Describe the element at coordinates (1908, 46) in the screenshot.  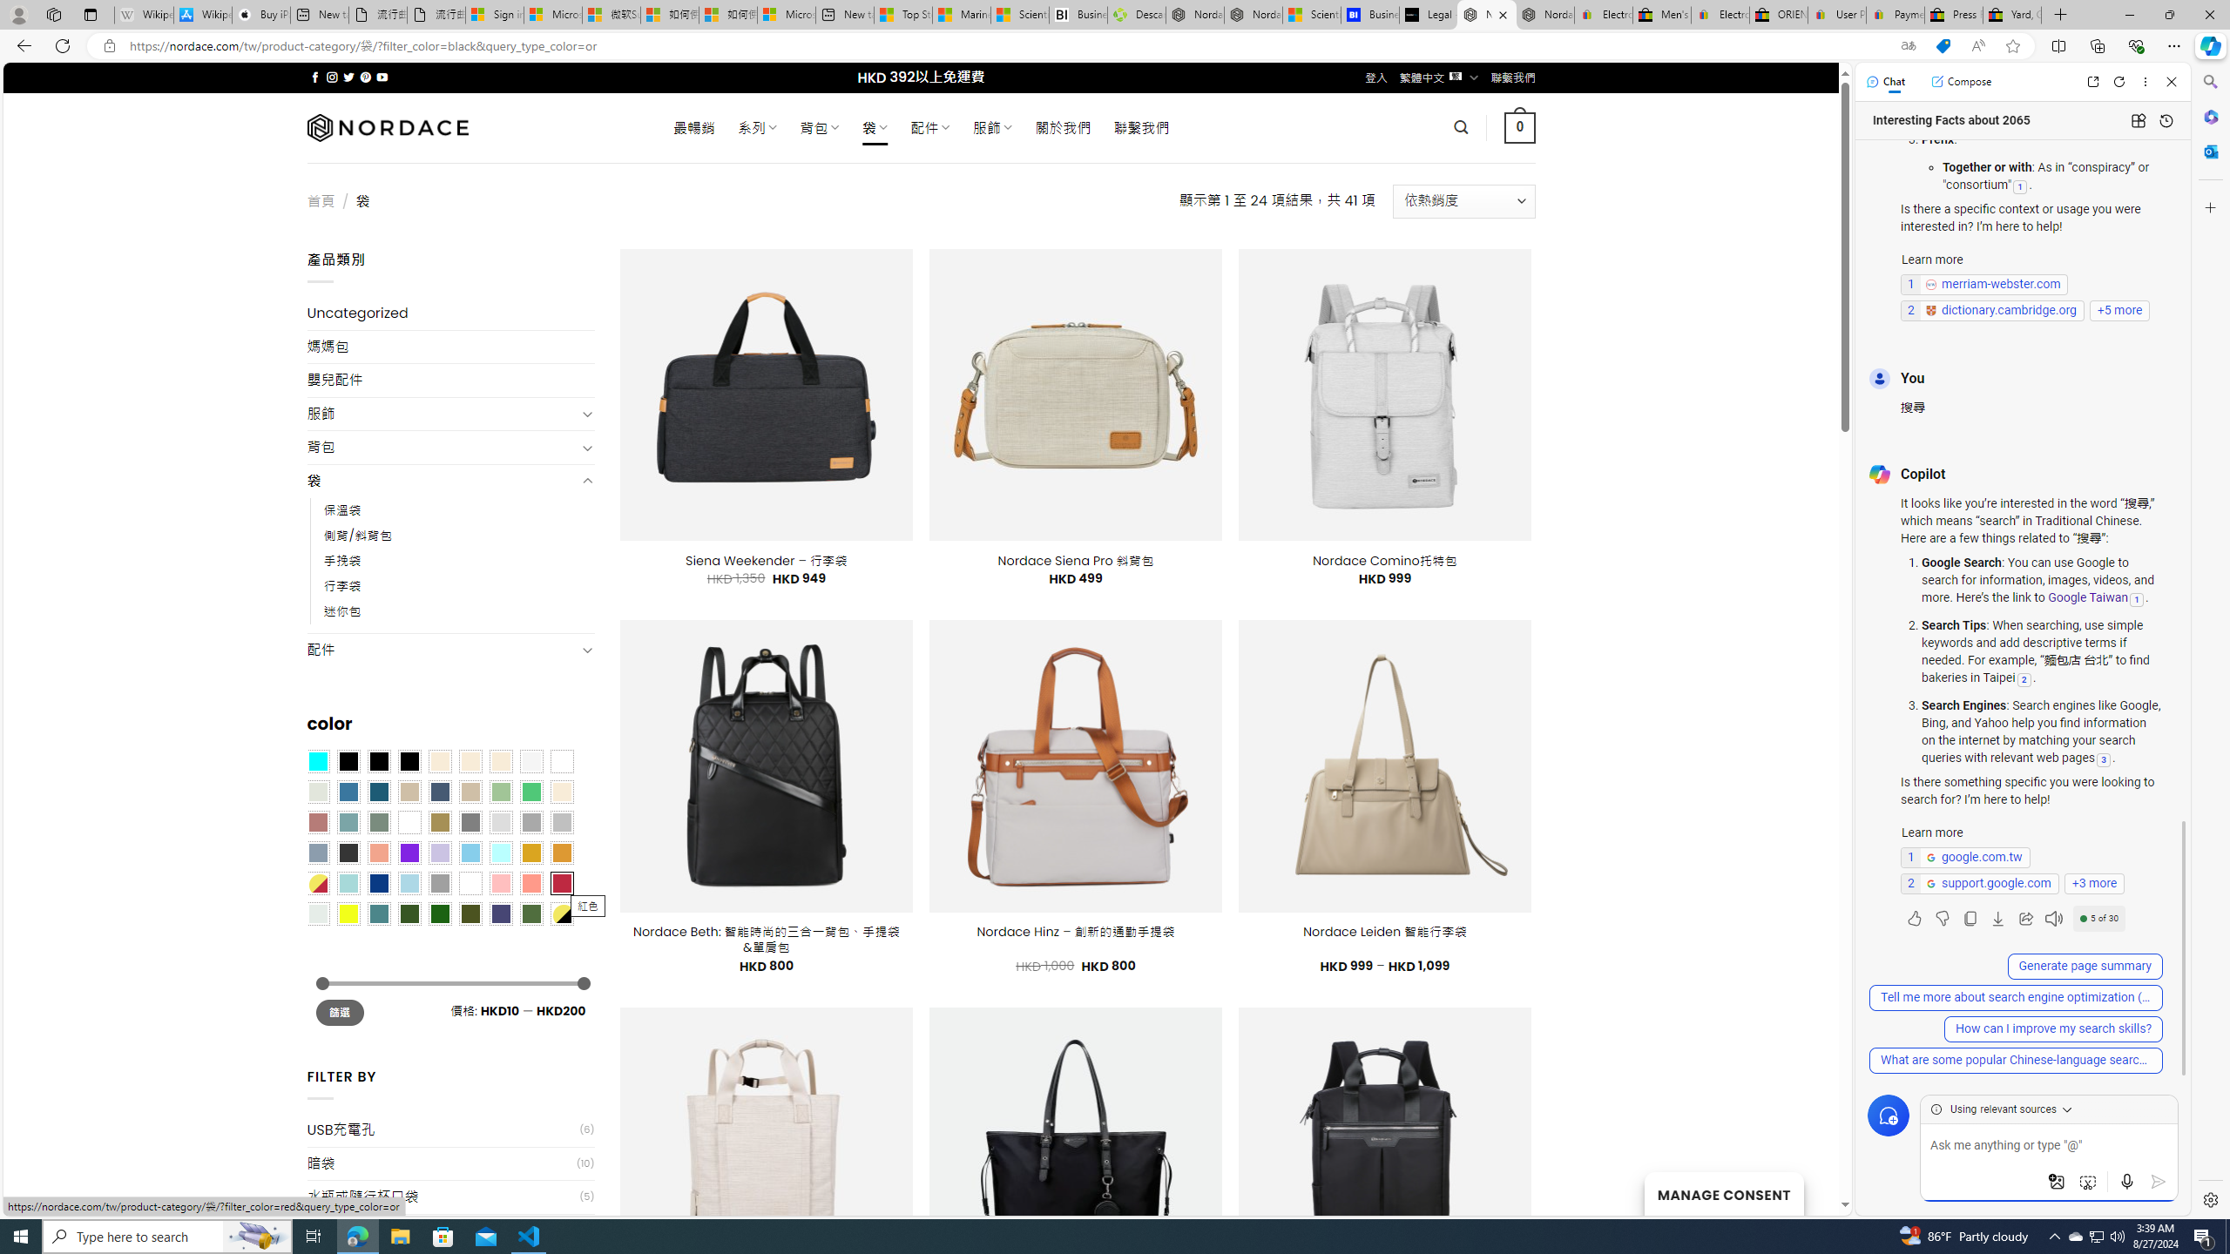
I see `'Show translate options'` at that location.